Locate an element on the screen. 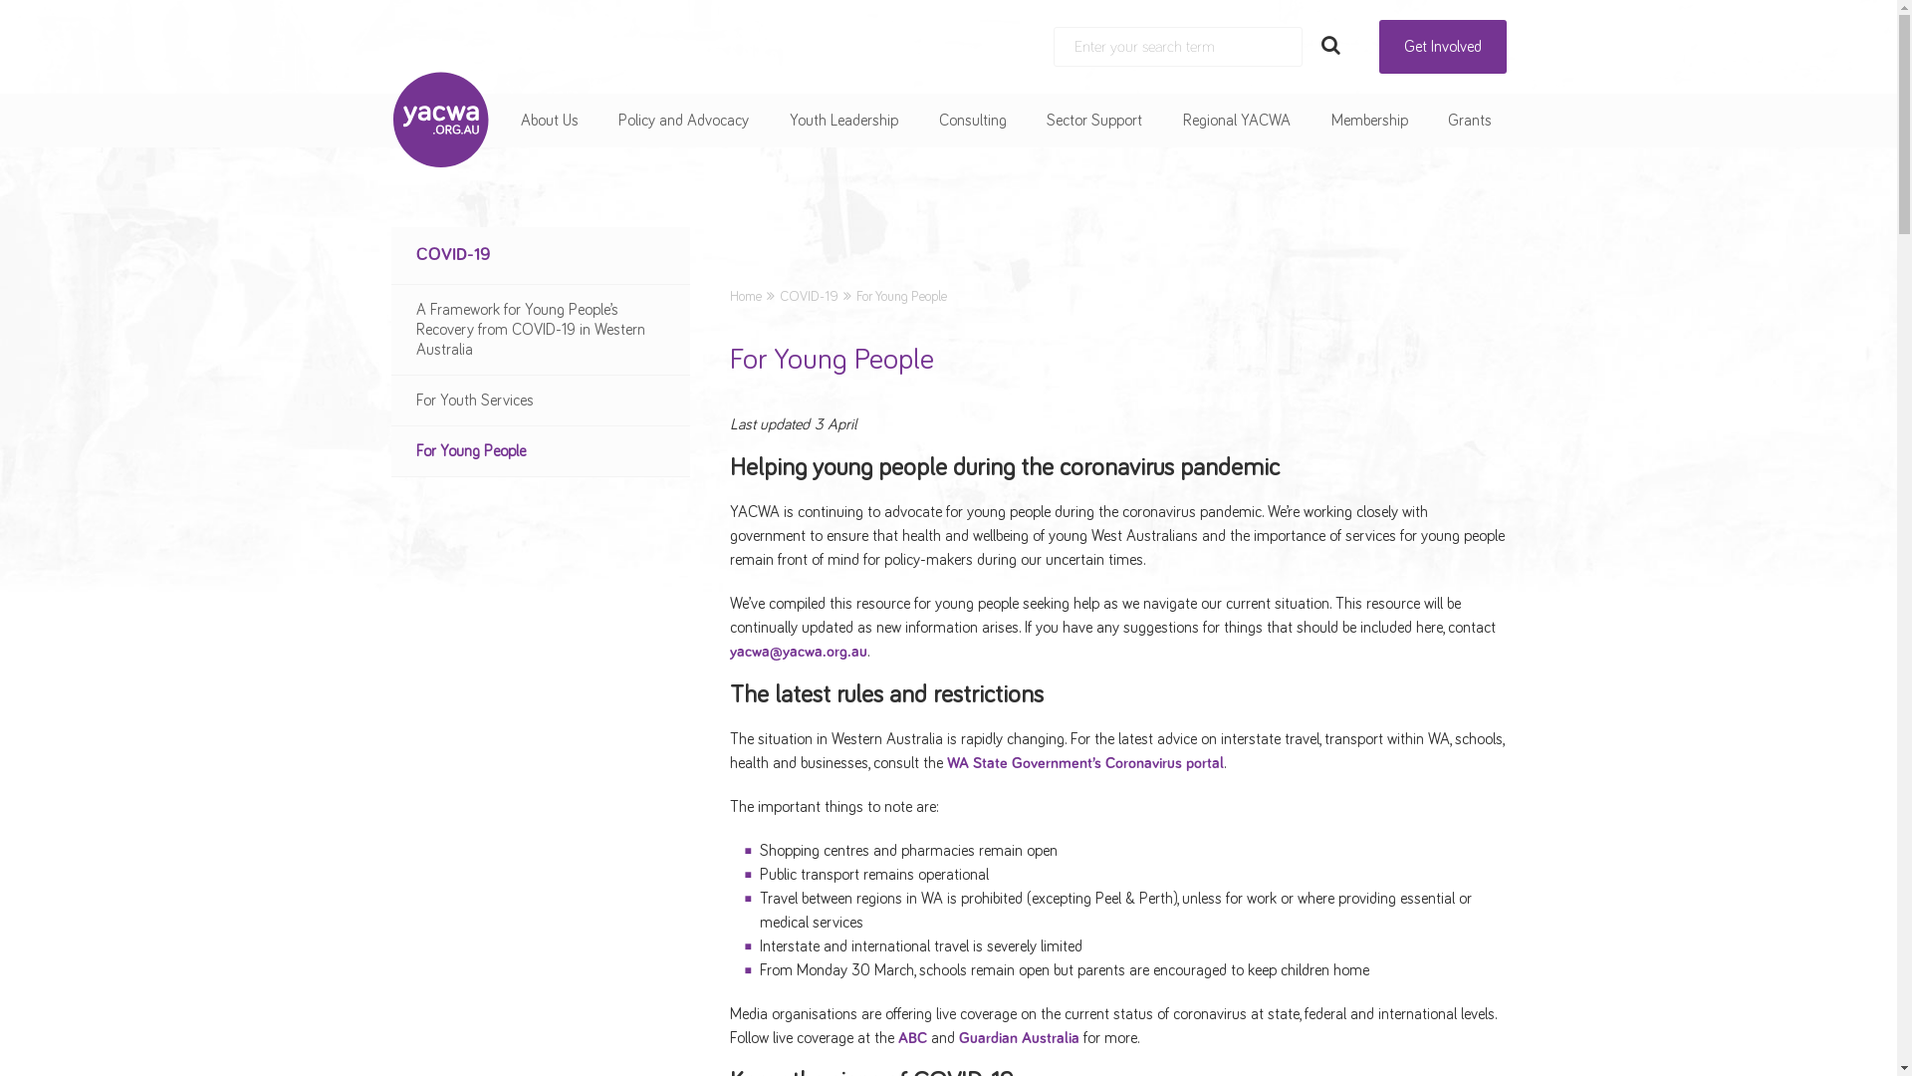  'COVID-19' is located at coordinates (808, 296).